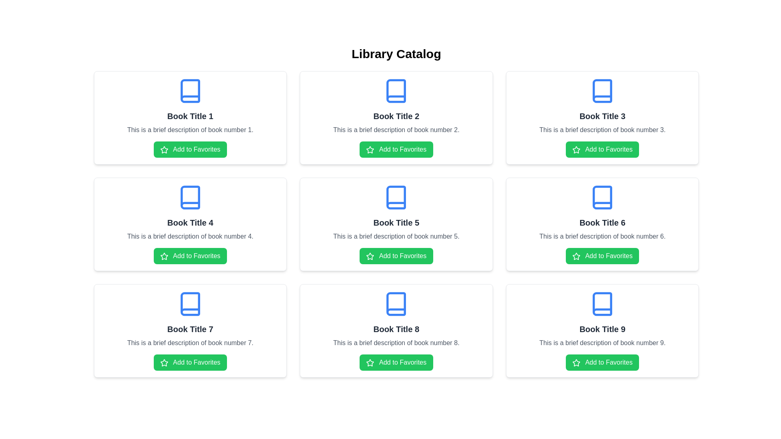 Image resolution: width=781 pixels, height=439 pixels. Describe the element at coordinates (164, 150) in the screenshot. I see `the star icon located in the top-left card of a 3x3 grid layout` at that location.